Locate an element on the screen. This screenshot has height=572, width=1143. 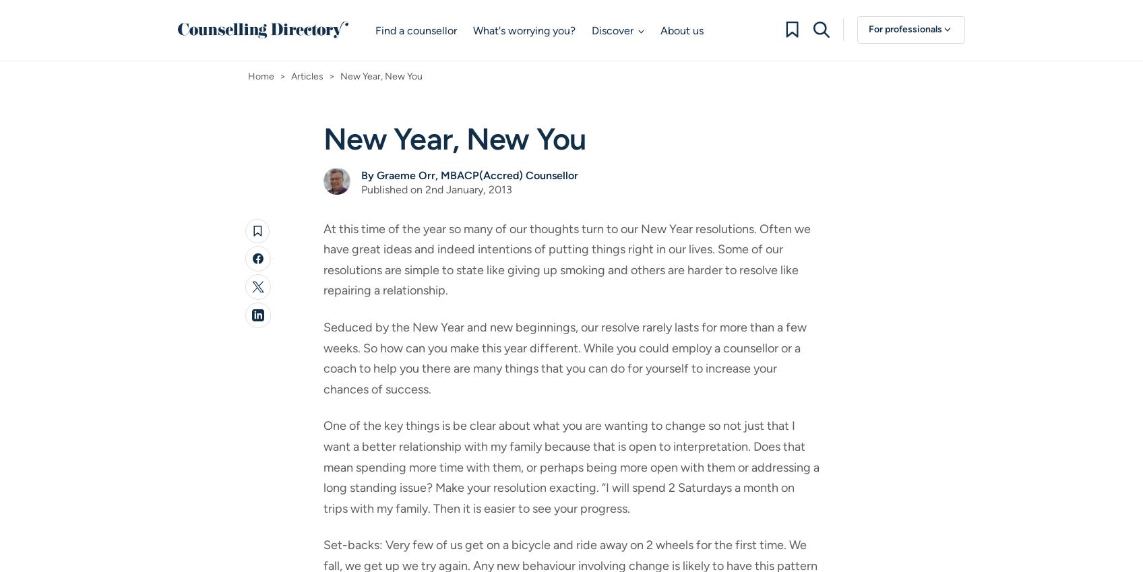
'Find a counsellor' is located at coordinates (415, 30).